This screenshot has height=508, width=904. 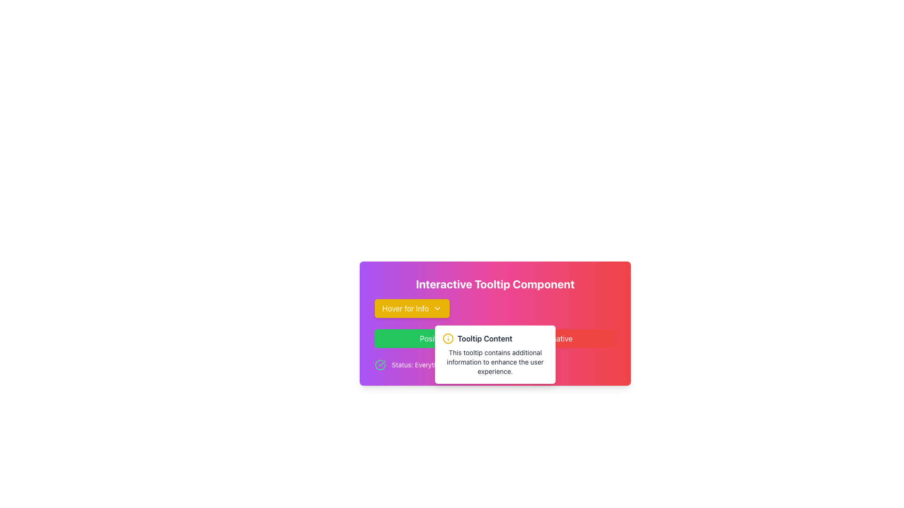 I want to click on the circular green checkmark icon indicating a successful status, located to the left side of the text 'Status: Everything looks good' in the status section, so click(x=380, y=364).